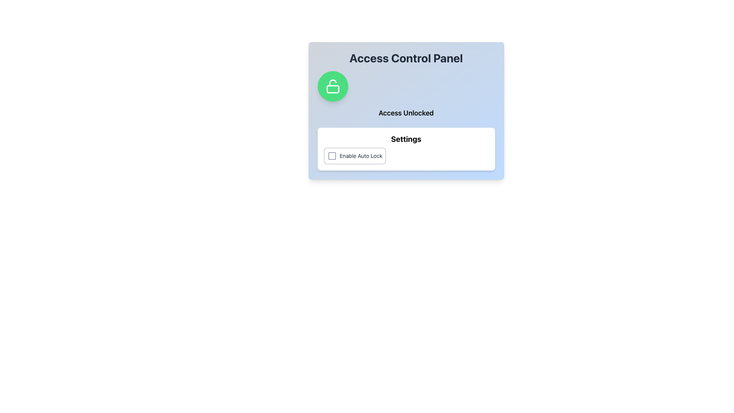 The image size is (734, 413). I want to click on the toggleable selection icon located at the top-left corner of the 'Enable Auto Lock' section, so click(332, 156).